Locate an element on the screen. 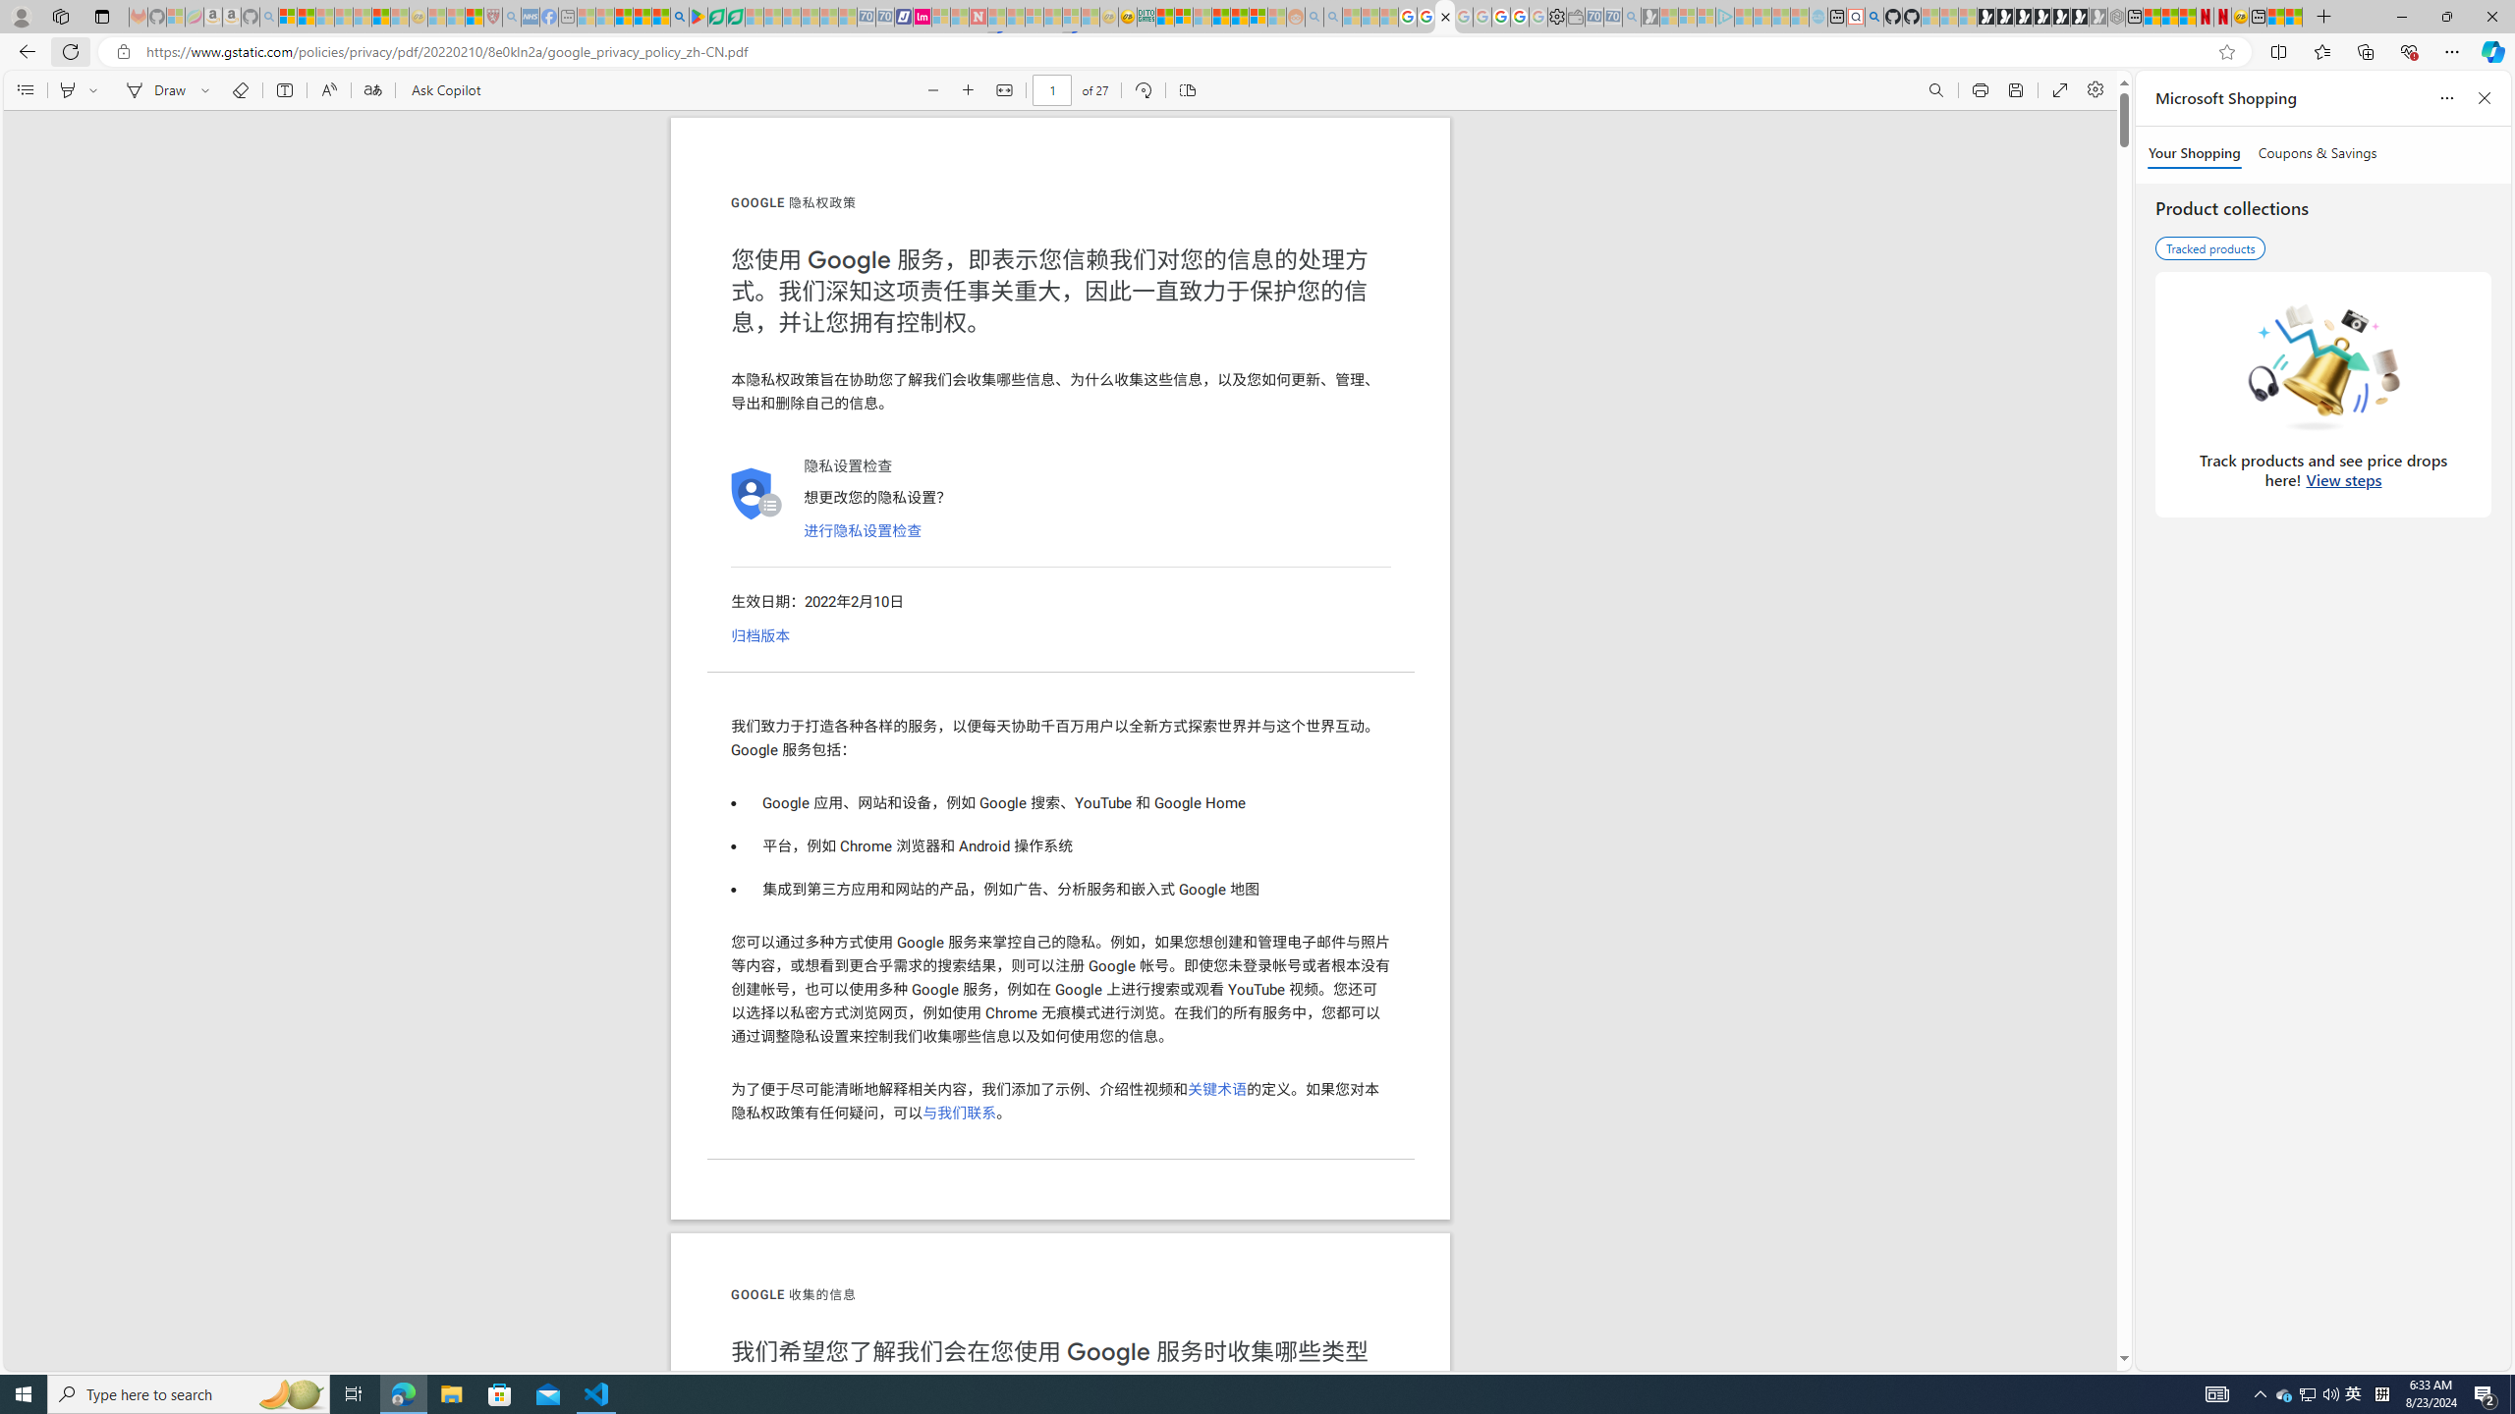 This screenshot has height=1414, width=2515. 'Kinda Frugal - MSN' is located at coordinates (1239, 16).